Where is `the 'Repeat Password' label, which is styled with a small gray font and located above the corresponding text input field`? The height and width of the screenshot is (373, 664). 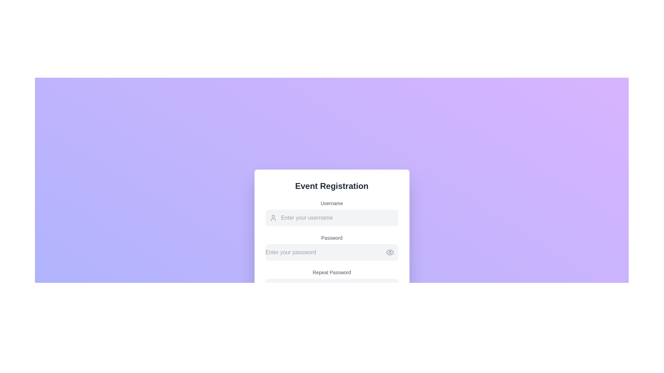 the 'Repeat Password' label, which is styled with a small gray font and located above the corresponding text input field is located at coordinates (331, 272).